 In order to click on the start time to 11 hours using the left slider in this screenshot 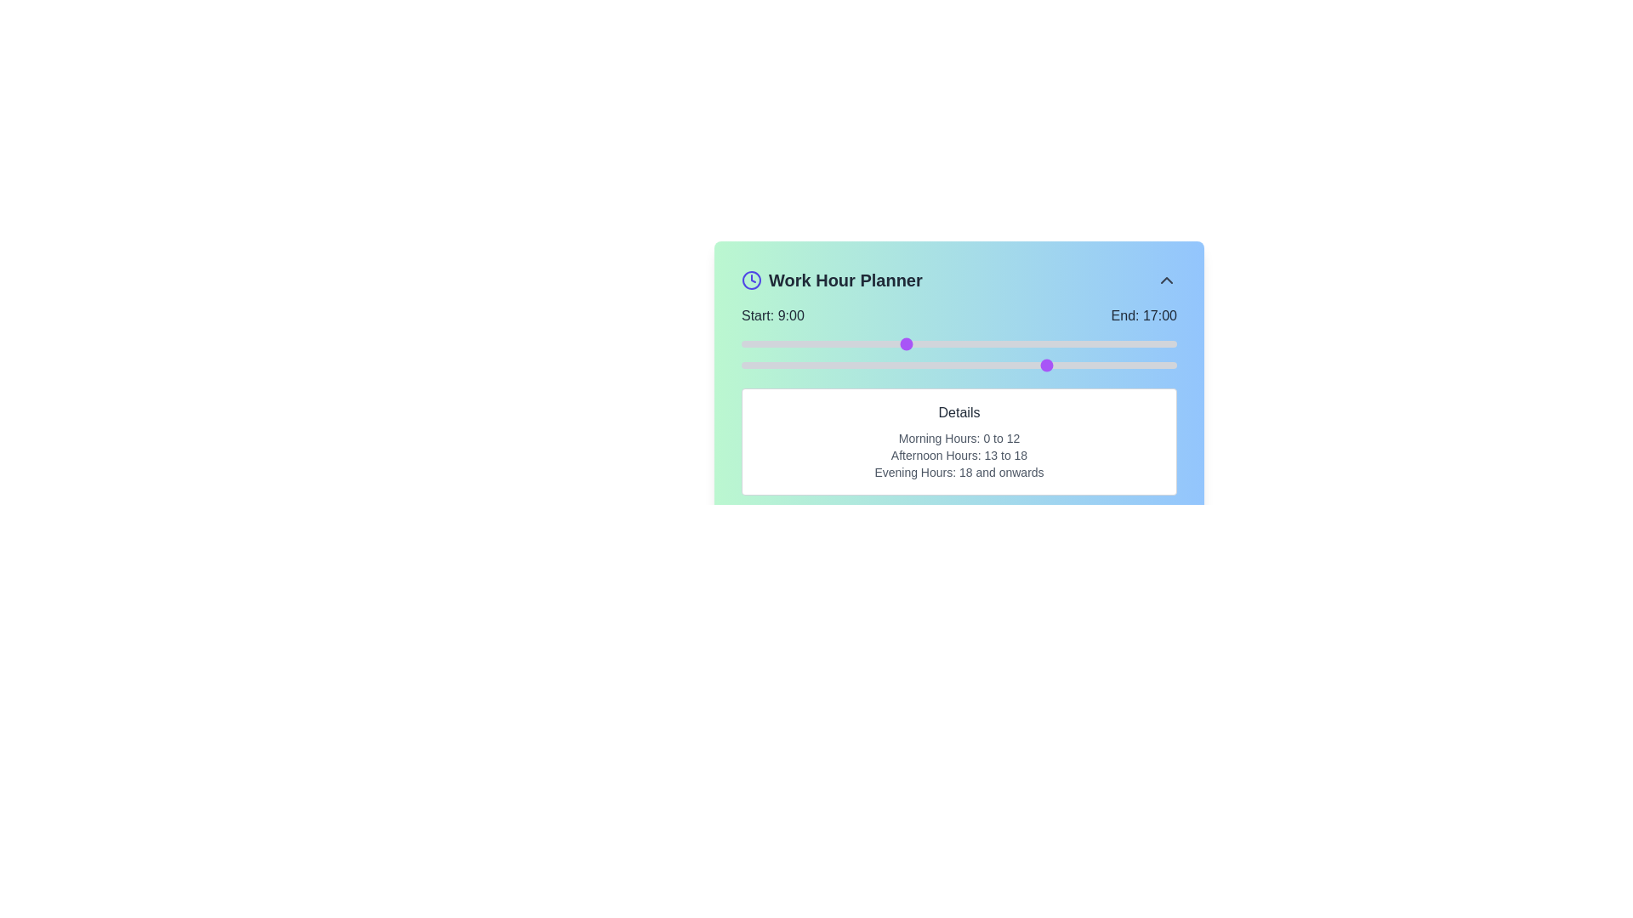, I will do `click(940, 344)`.